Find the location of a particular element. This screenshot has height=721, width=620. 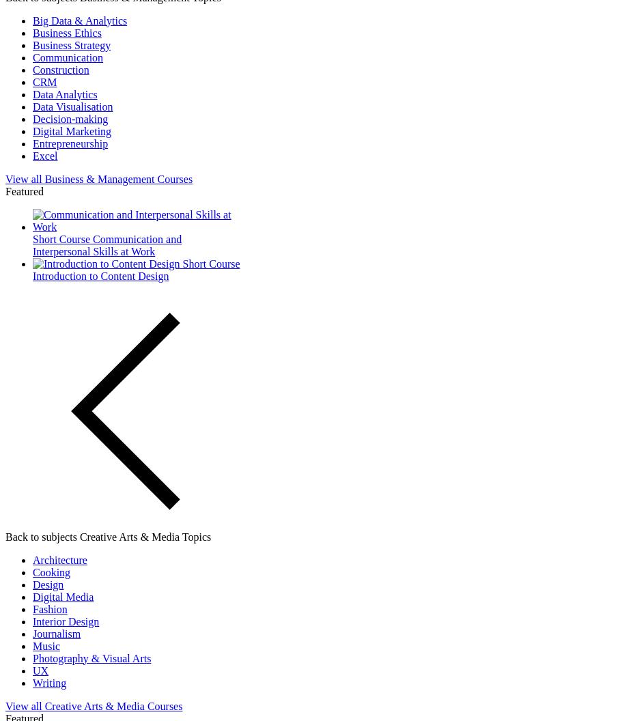

'Introduction to Content Design' is located at coordinates (100, 275).